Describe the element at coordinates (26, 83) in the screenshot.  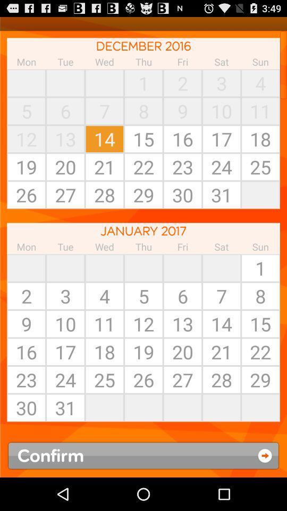
I see `the icon next to tue app` at that location.